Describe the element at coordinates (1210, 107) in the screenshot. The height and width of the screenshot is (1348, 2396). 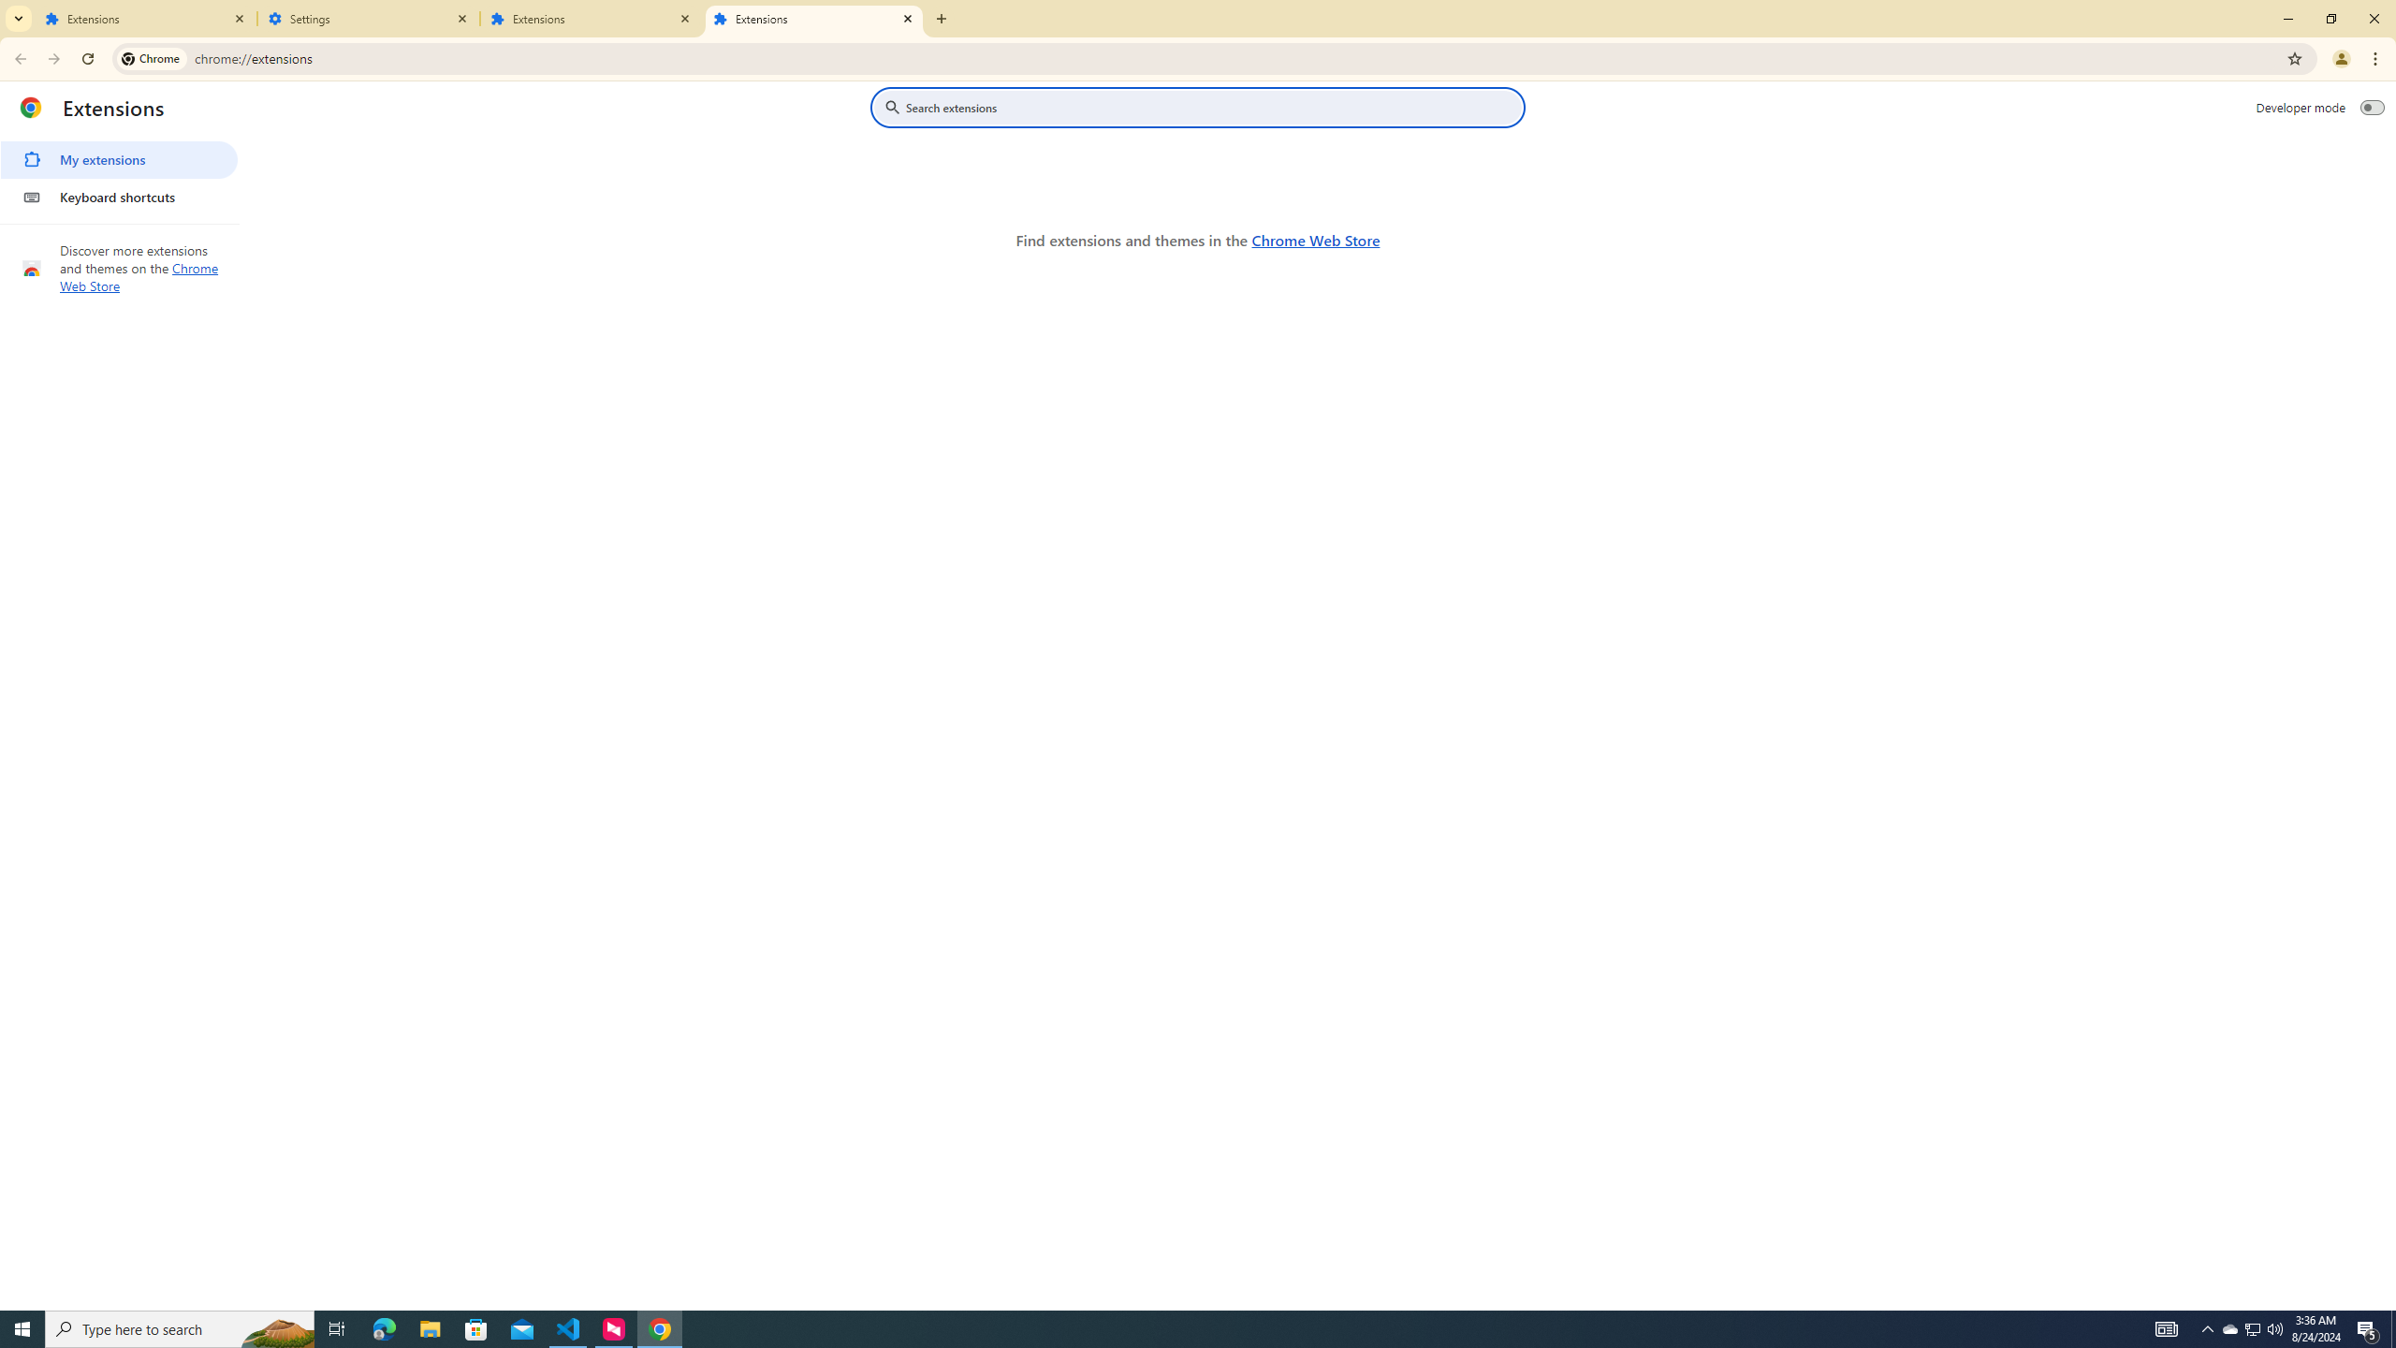
I see `'Search extensions'` at that location.